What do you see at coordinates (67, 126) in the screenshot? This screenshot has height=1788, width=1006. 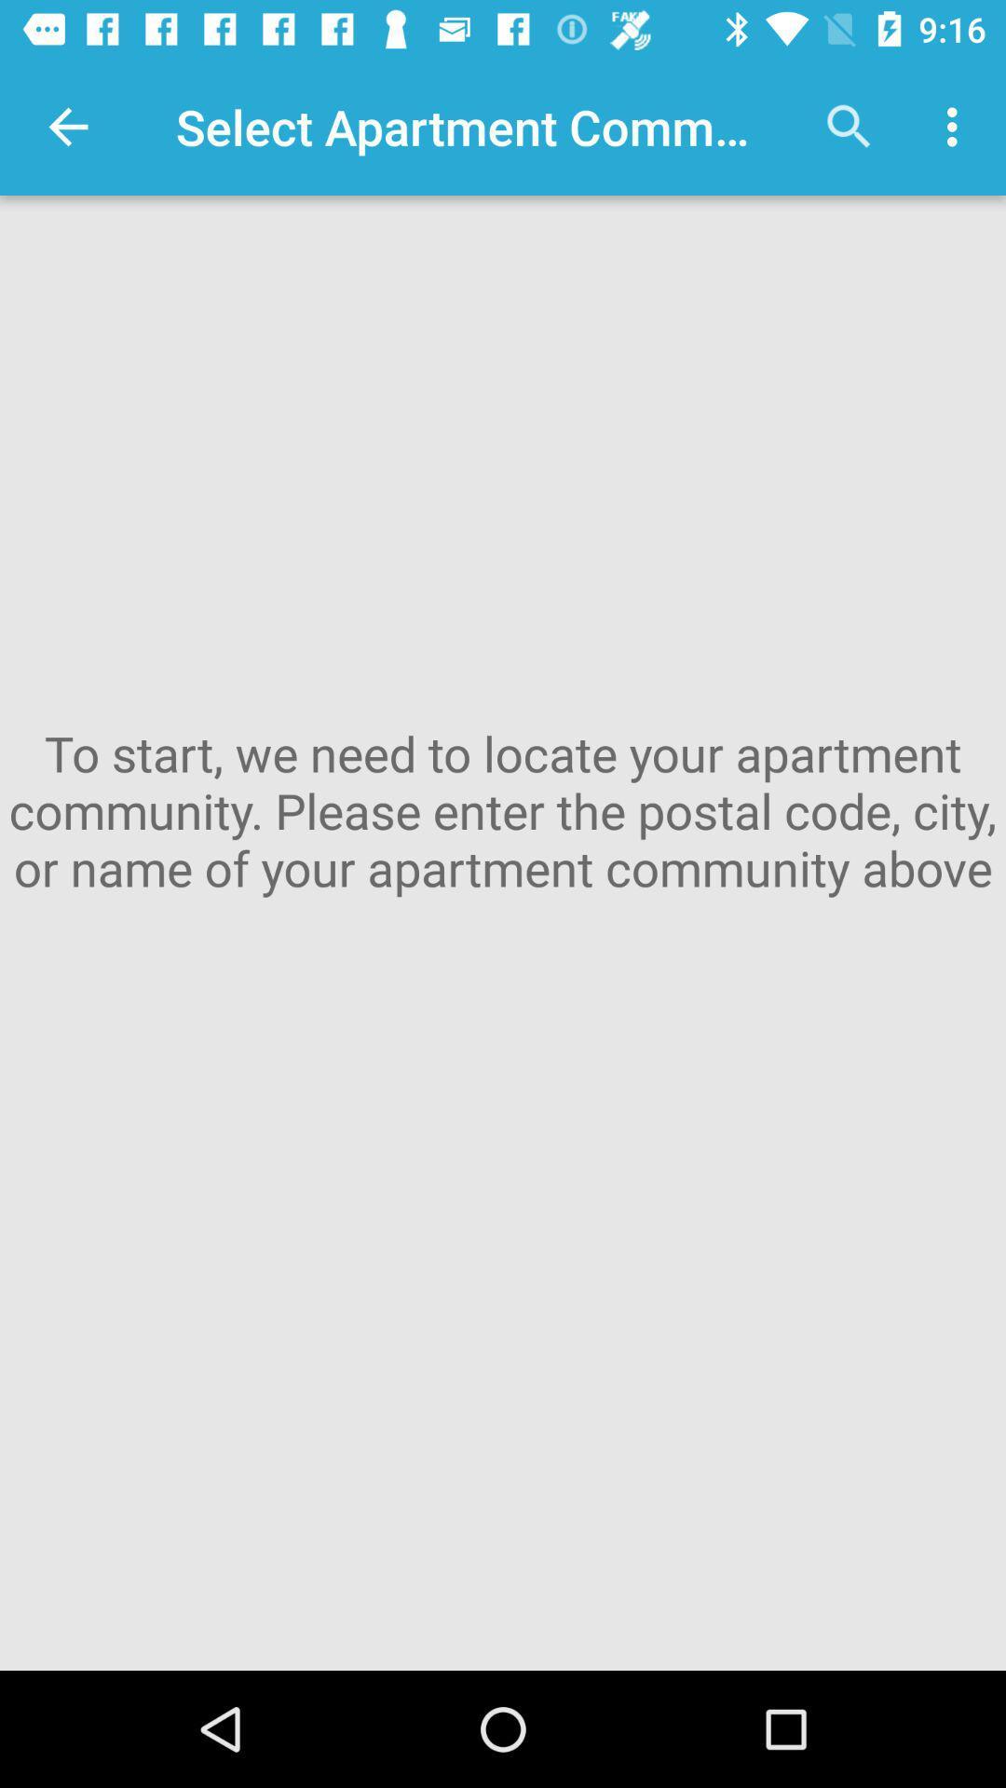 I see `icon at the top left corner` at bounding box center [67, 126].